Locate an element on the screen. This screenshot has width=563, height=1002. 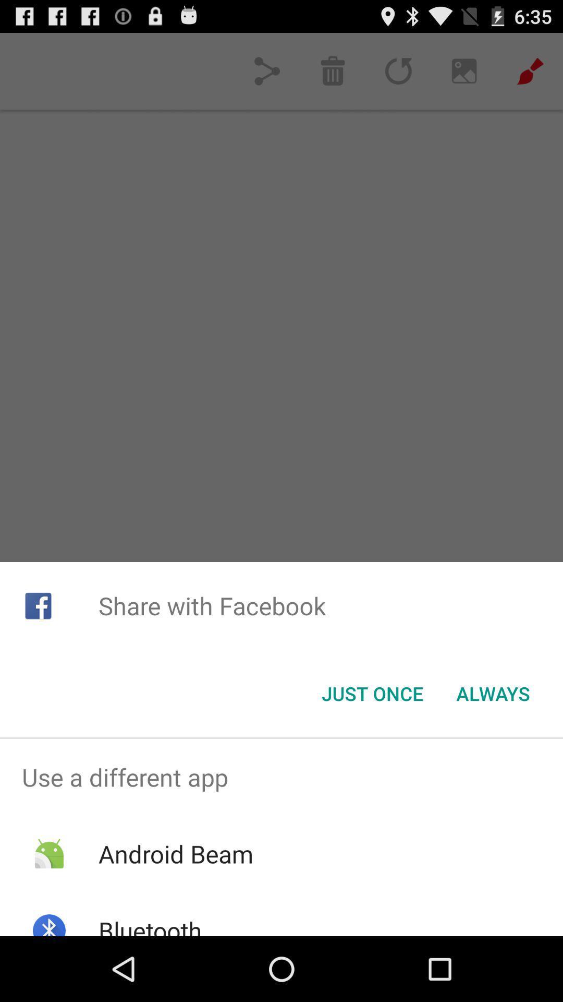
bluetooth app is located at coordinates (150, 925).